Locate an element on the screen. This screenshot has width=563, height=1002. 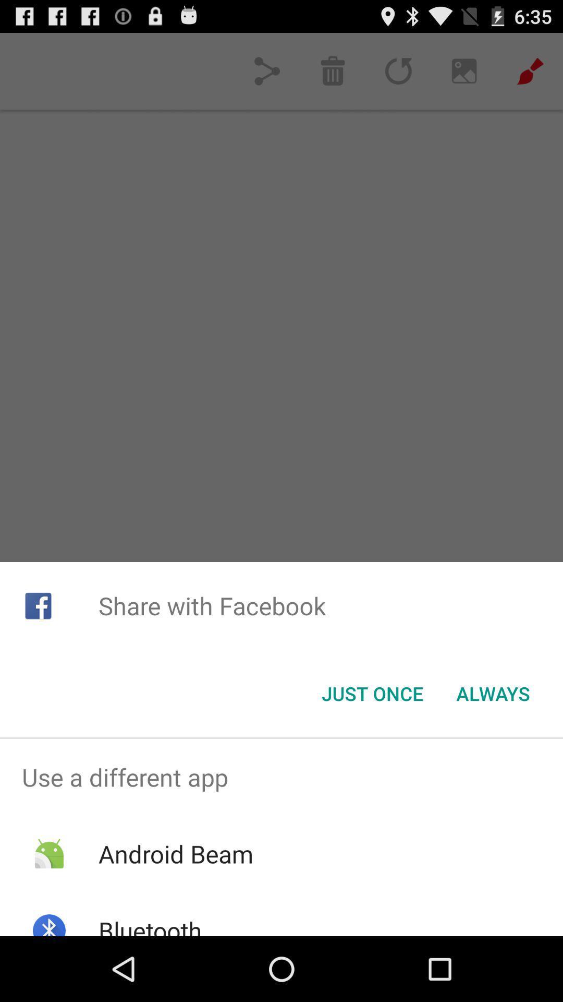
bluetooth app is located at coordinates (150, 925).